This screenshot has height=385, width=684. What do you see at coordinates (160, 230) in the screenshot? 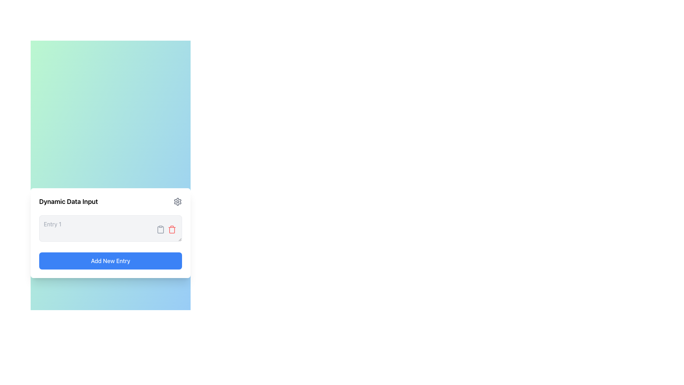
I see `the gray clipboard icon located next to other functional icons on the right side of the 'Entry 1' input box` at bounding box center [160, 230].